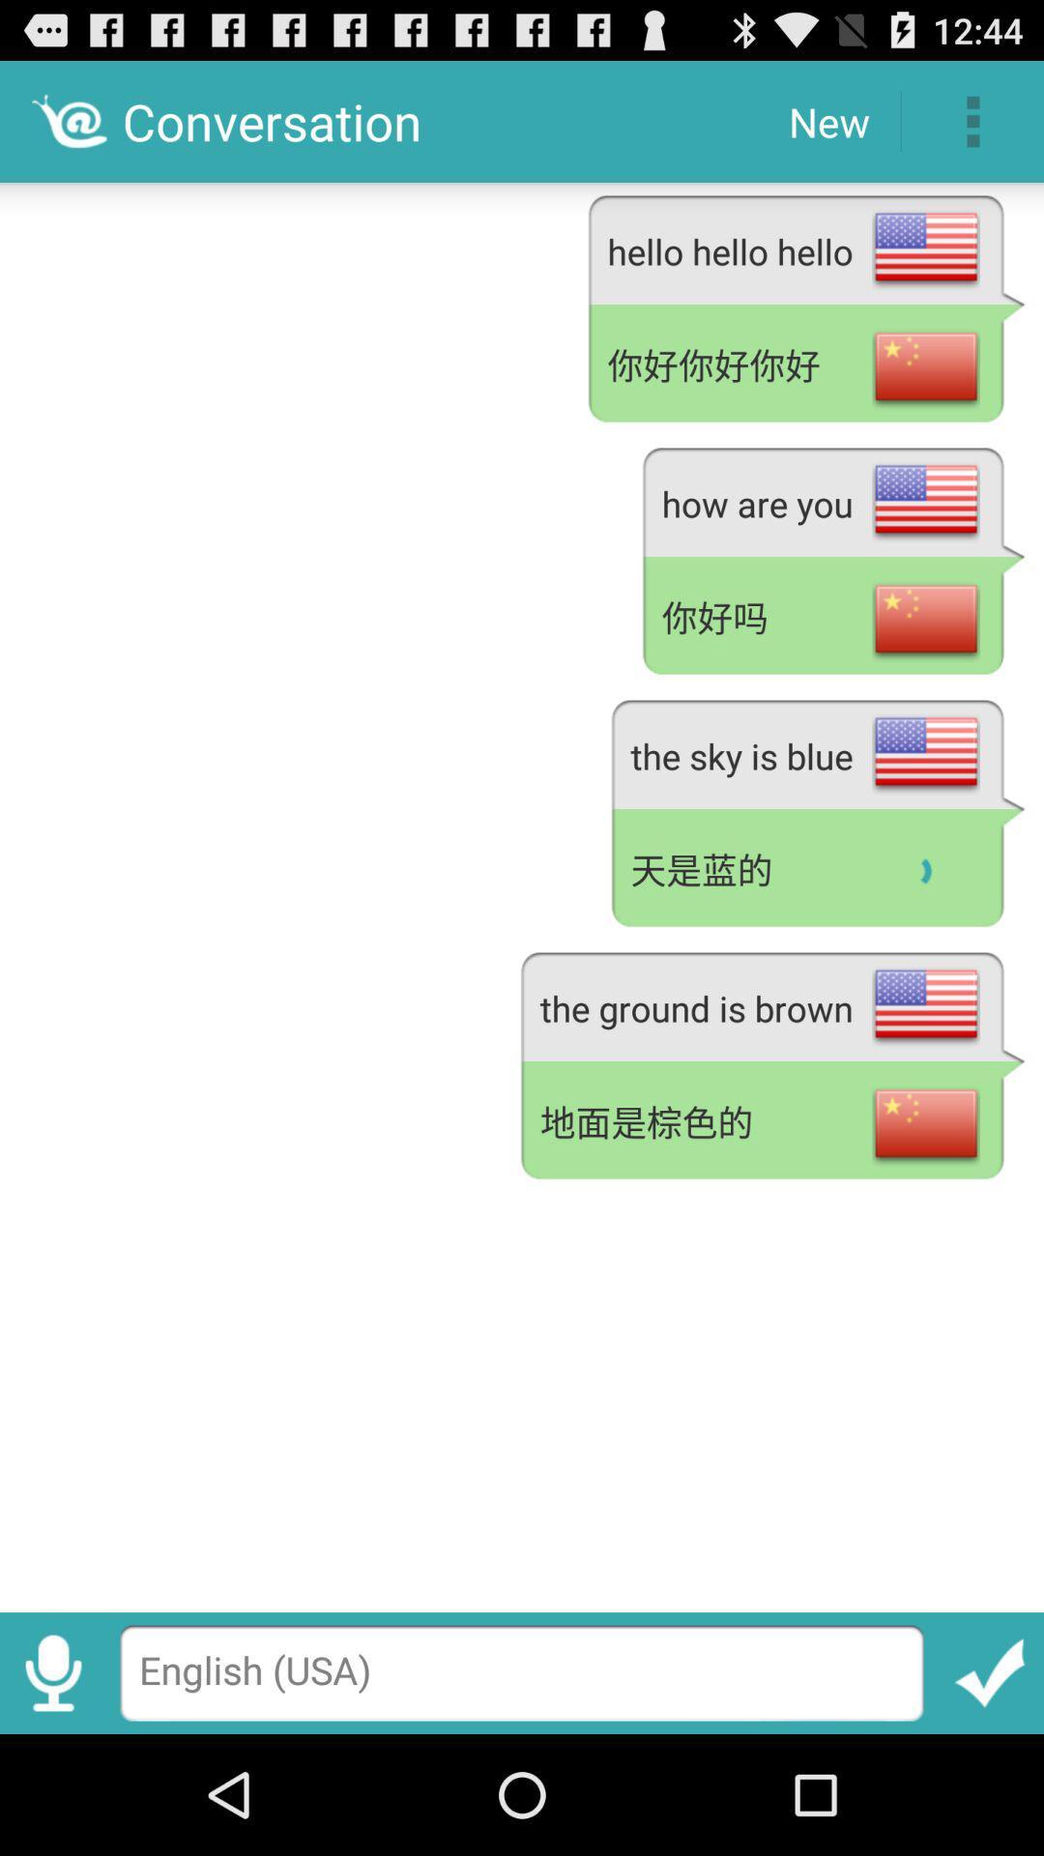 This screenshot has height=1856, width=1044. What do you see at coordinates (990, 1672) in the screenshot?
I see `translate` at bounding box center [990, 1672].